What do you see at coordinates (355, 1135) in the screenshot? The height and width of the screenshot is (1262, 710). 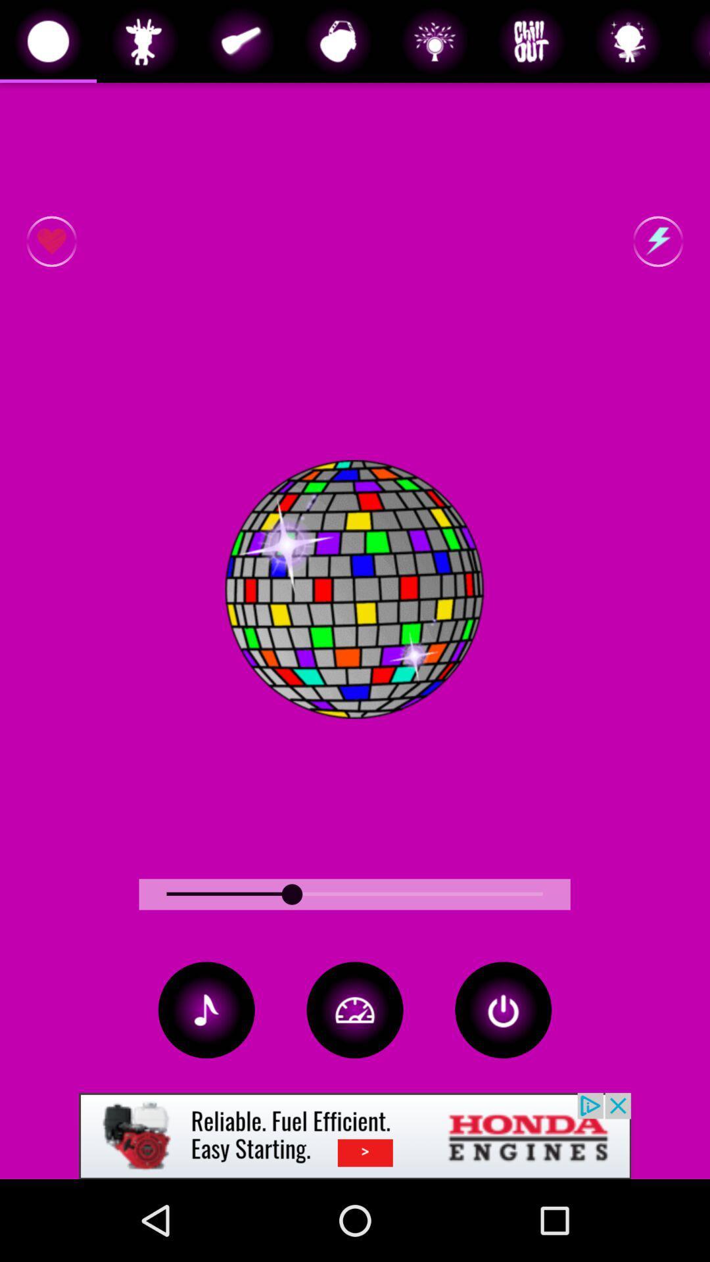 I see `share the article` at bounding box center [355, 1135].